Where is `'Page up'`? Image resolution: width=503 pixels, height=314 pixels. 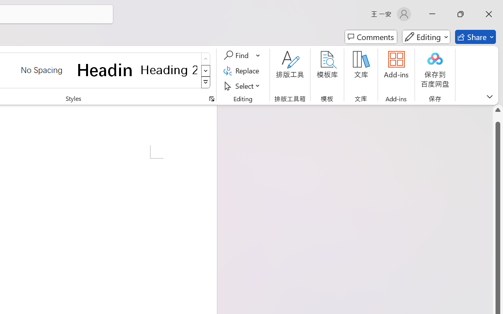 'Page up' is located at coordinates (497, 118).